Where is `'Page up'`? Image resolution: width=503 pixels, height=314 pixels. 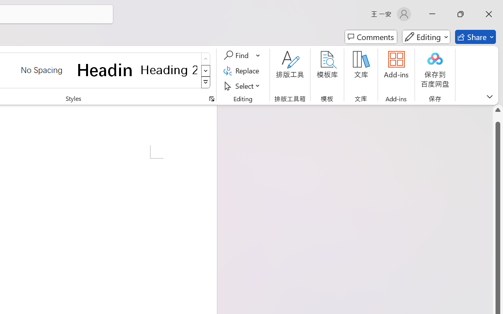 'Page up' is located at coordinates (497, 118).